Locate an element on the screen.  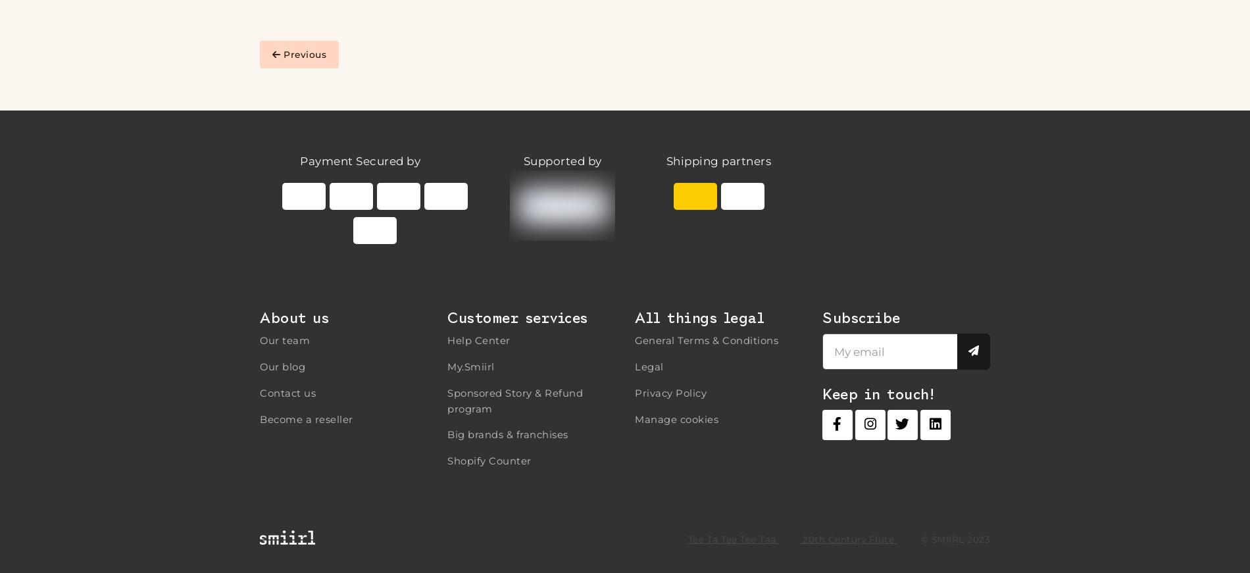
'Subscribe' is located at coordinates (822, 317).